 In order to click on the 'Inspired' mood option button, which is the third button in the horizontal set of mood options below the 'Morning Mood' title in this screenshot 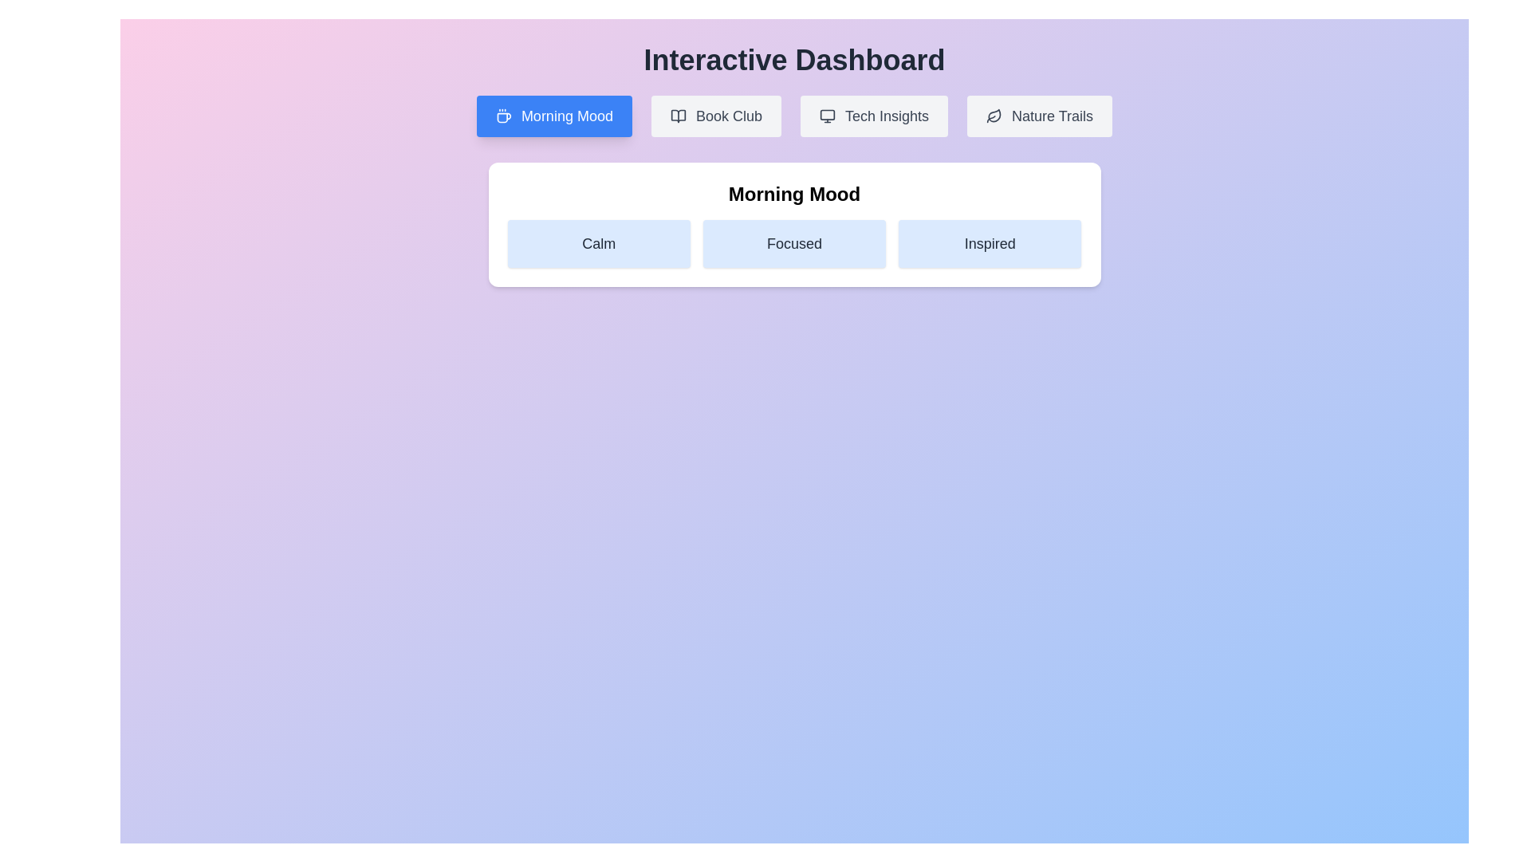, I will do `click(989, 243)`.